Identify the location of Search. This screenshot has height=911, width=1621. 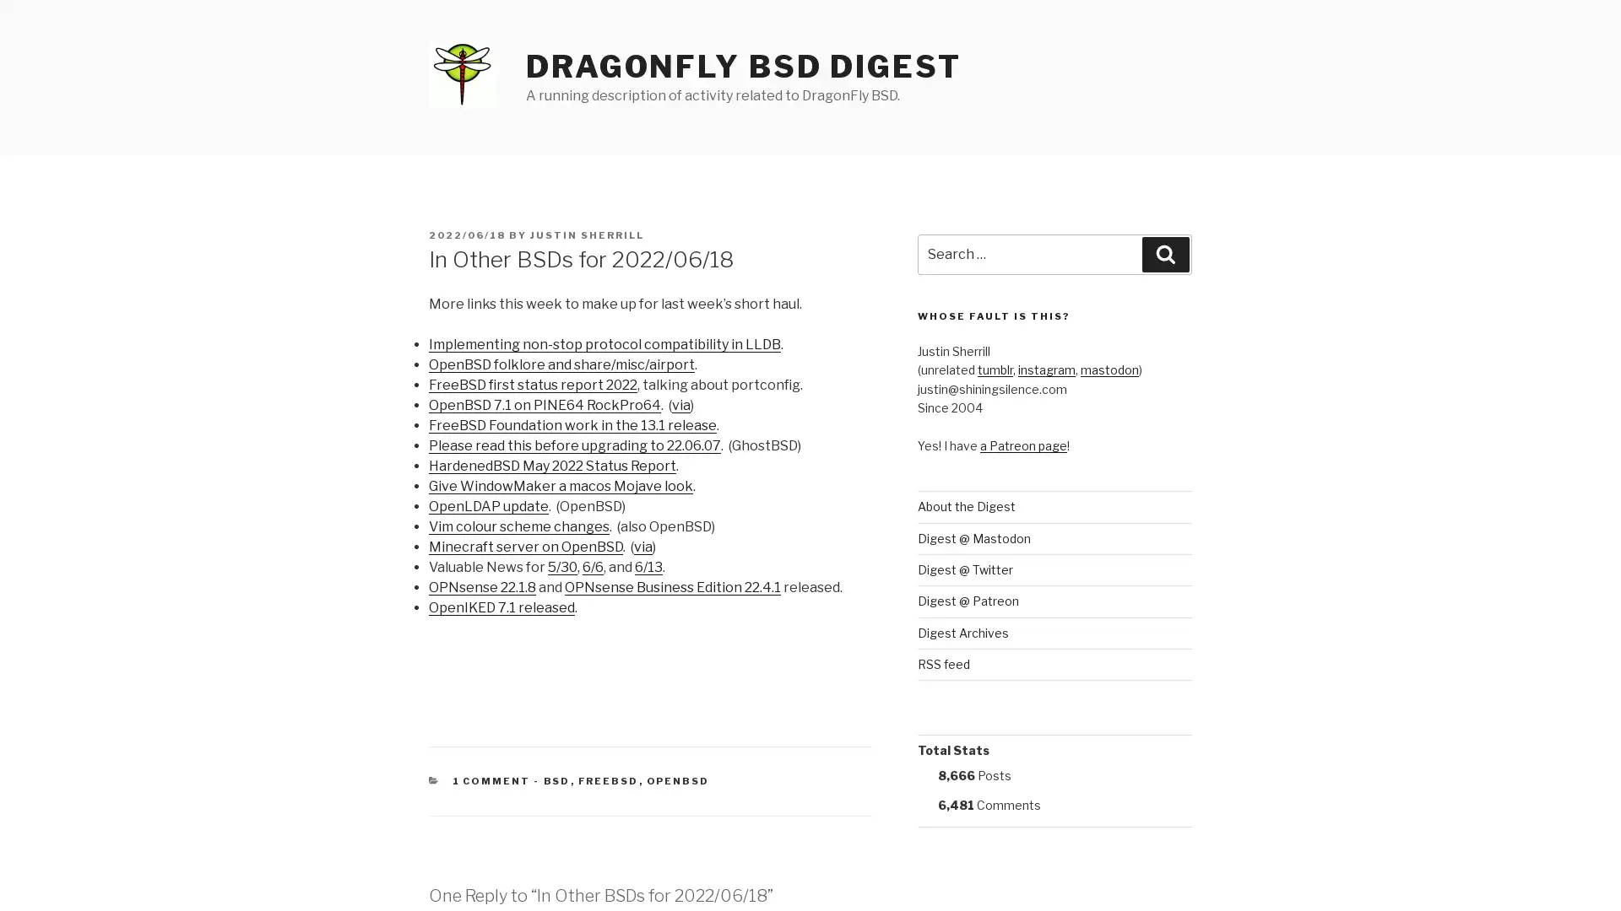
(1165, 254).